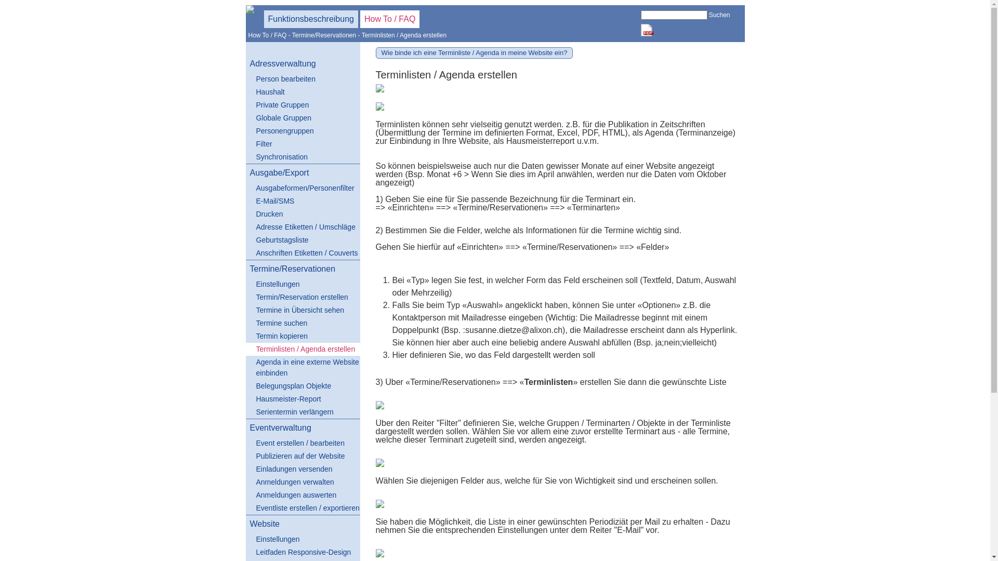 The image size is (998, 561). Describe the element at coordinates (301, 428) in the screenshot. I see `'Eventverwaltung'` at that location.